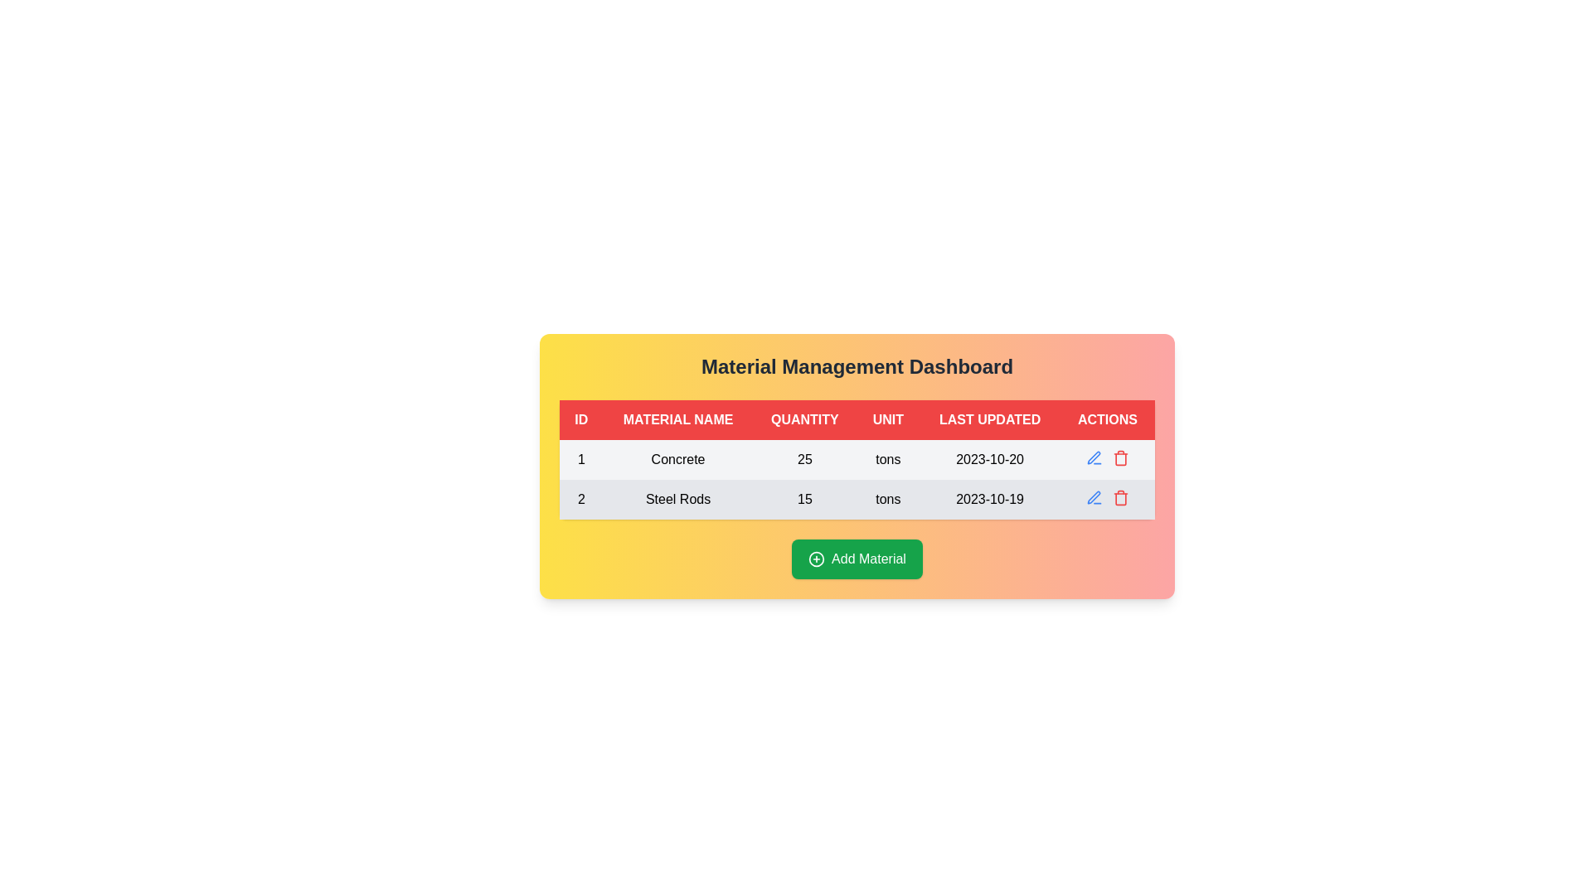 The height and width of the screenshot is (895, 1592). What do you see at coordinates (1120, 457) in the screenshot?
I see `the delete button icon in the Actions column of the second row in the table` at bounding box center [1120, 457].